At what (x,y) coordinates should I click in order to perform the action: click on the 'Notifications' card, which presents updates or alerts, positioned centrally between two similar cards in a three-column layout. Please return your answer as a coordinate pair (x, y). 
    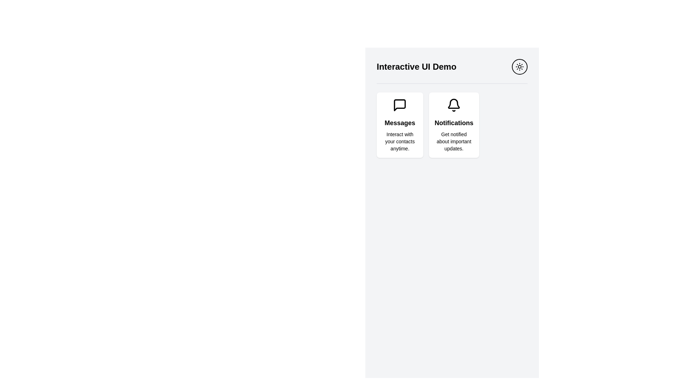
    Looking at the image, I should click on (454, 124).